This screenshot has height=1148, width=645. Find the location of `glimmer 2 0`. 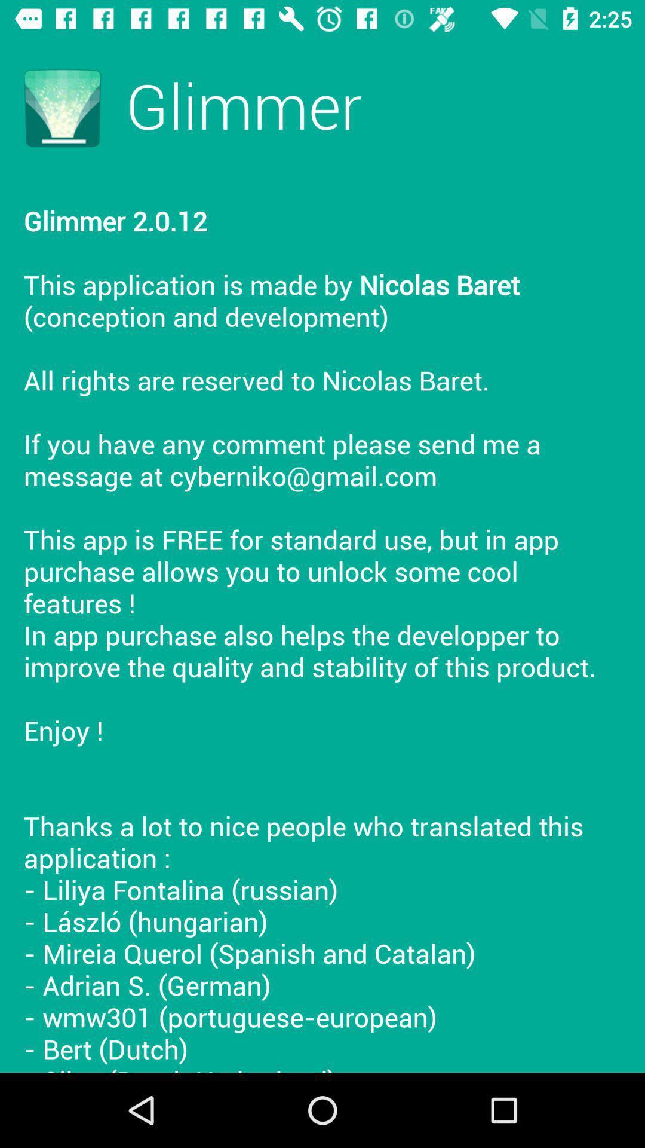

glimmer 2 0 is located at coordinates (322, 625).